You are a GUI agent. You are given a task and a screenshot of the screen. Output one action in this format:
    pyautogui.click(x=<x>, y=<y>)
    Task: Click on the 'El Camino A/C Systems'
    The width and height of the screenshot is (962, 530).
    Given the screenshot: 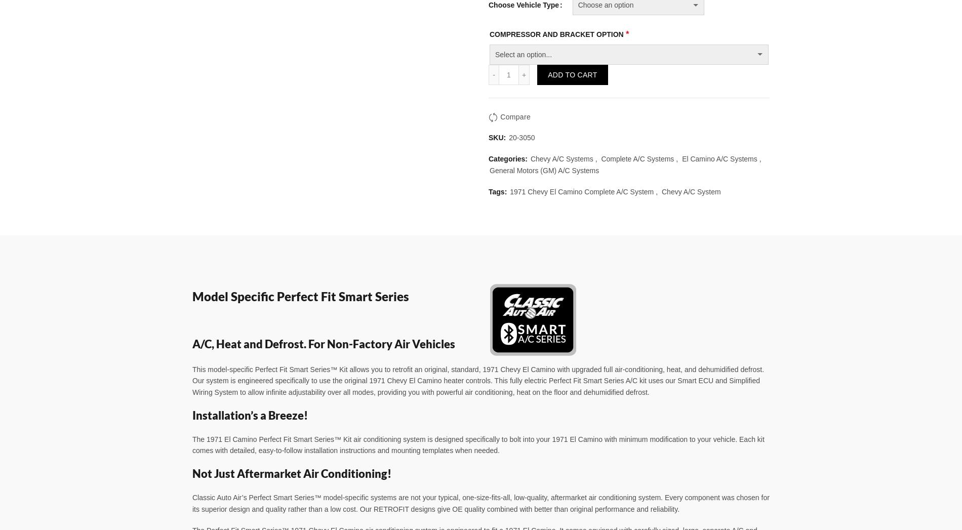 What is the action you would take?
    pyautogui.click(x=719, y=158)
    